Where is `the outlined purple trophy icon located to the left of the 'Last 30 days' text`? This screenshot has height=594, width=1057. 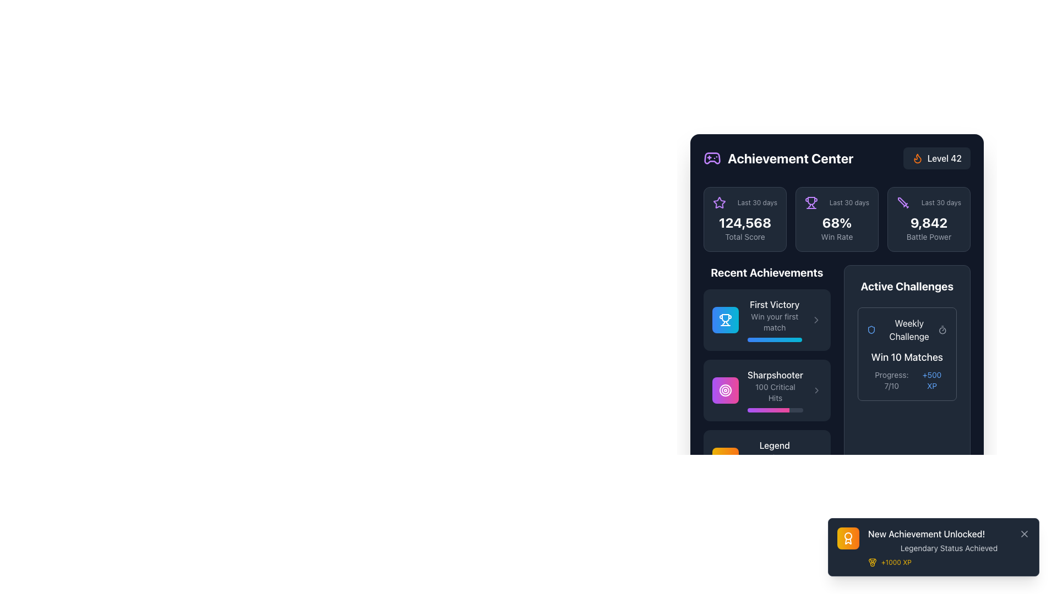
the outlined purple trophy icon located to the left of the 'Last 30 days' text is located at coordinates (811, 203).